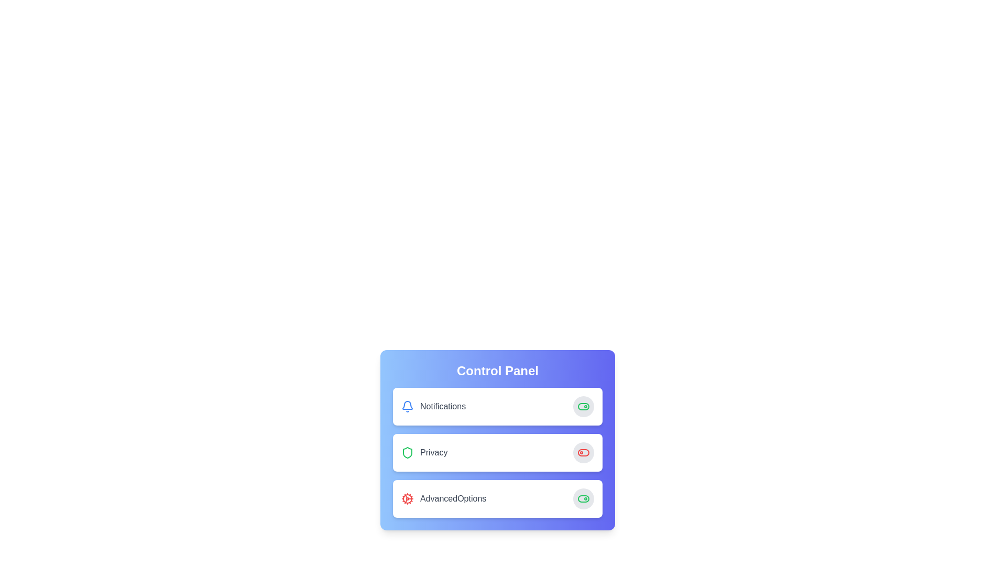 The height and width of the screenshot is (566, 1006). What do you see at coordinates (453, 498) in the screenshot?
I see `the context of the 'Advanced Options' text label, which is styled with a medium-weight font` at bounding box center [453, 498].